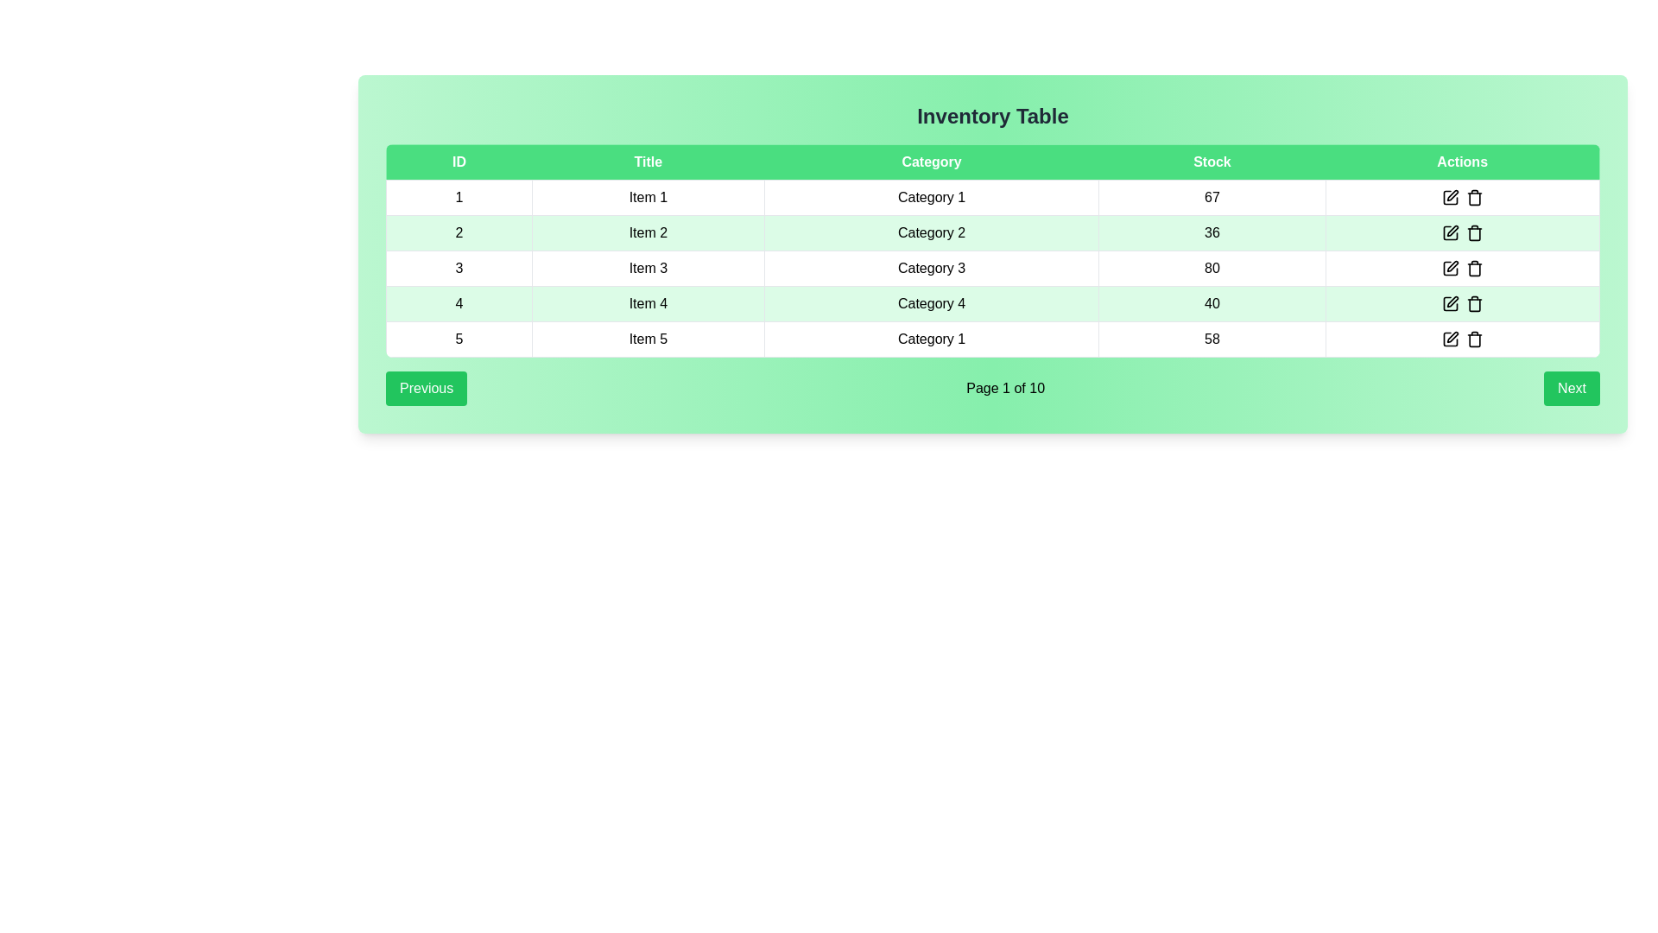 The width and height of the screenshot is (1658, 933). I want to click on the 'ID' text label table header which is styled with centered white text on a green background, located at the far-left of the row within the green header section of the table, so click(459, 162).